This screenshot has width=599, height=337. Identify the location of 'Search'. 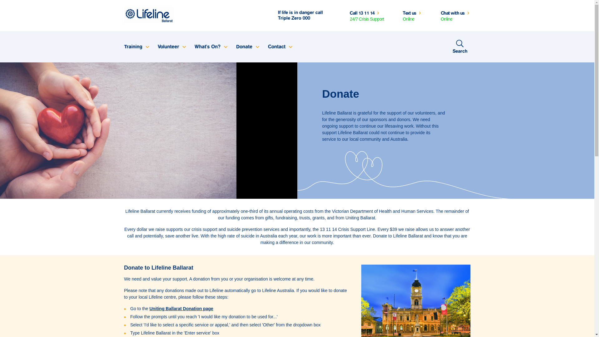
(460, 46).